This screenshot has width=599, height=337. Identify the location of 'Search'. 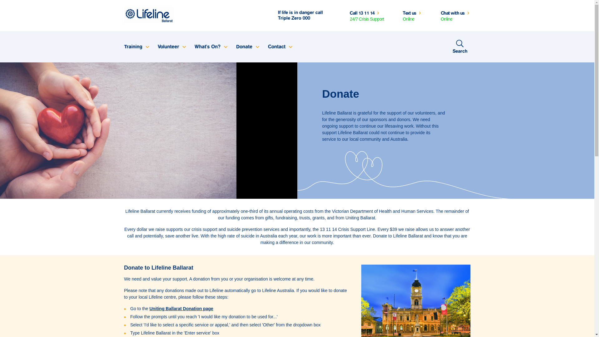
(460, 46).